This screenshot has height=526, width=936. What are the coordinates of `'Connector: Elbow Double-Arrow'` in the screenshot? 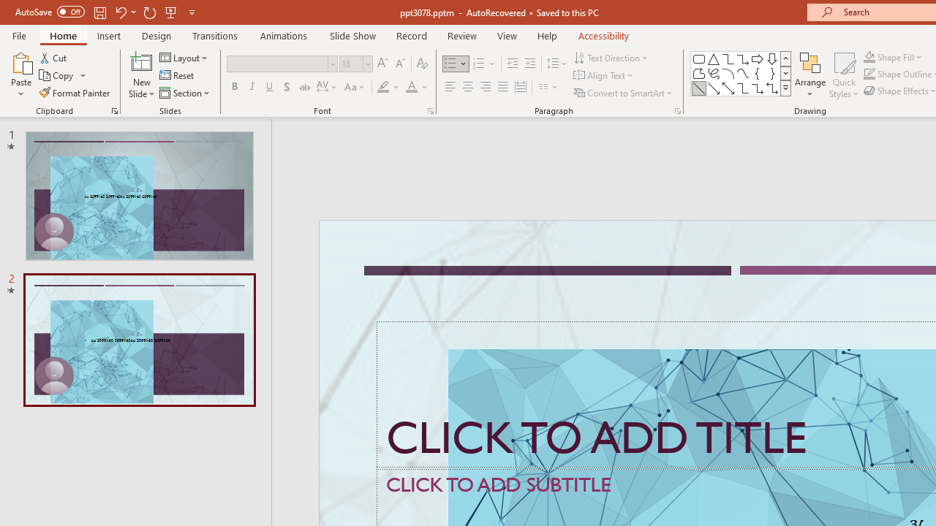 It's located at (771, 88).